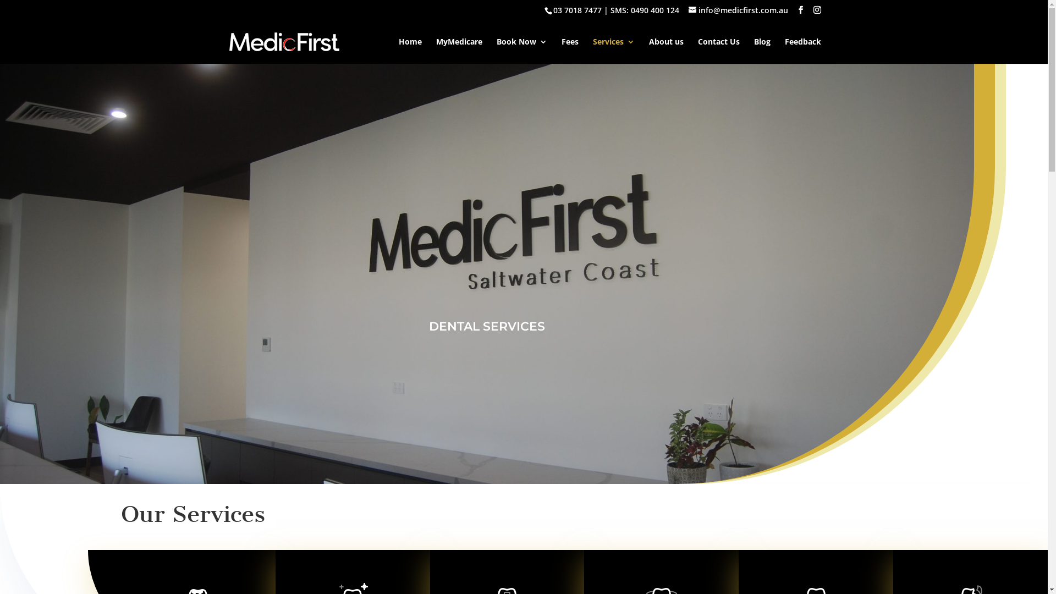 The image size is (1056, 594). I want to click on 'info@medicfirst.com.au', so click(738, 9).